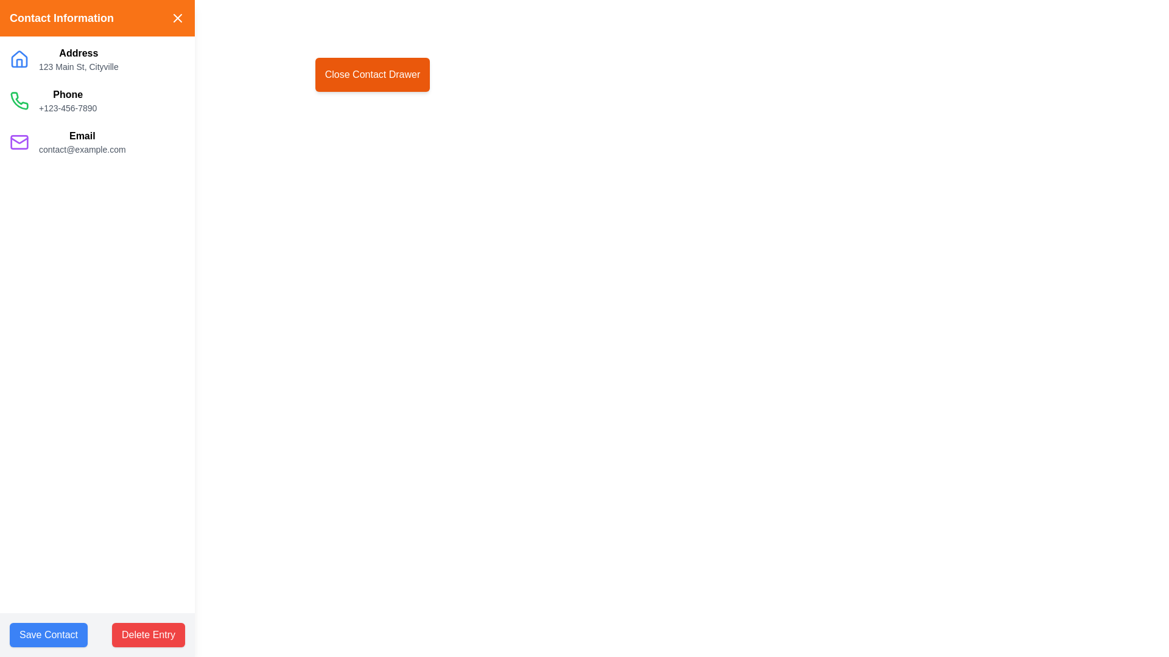 This screenshot has height=657, width=1169. What do you see at coordinates (19, 100) in the screenshot?
I see `the phone icon represented by a green bordered receiver, located near the 'Phone' label in the contact information panel, to highlight it` at bounding box center [19, 100].